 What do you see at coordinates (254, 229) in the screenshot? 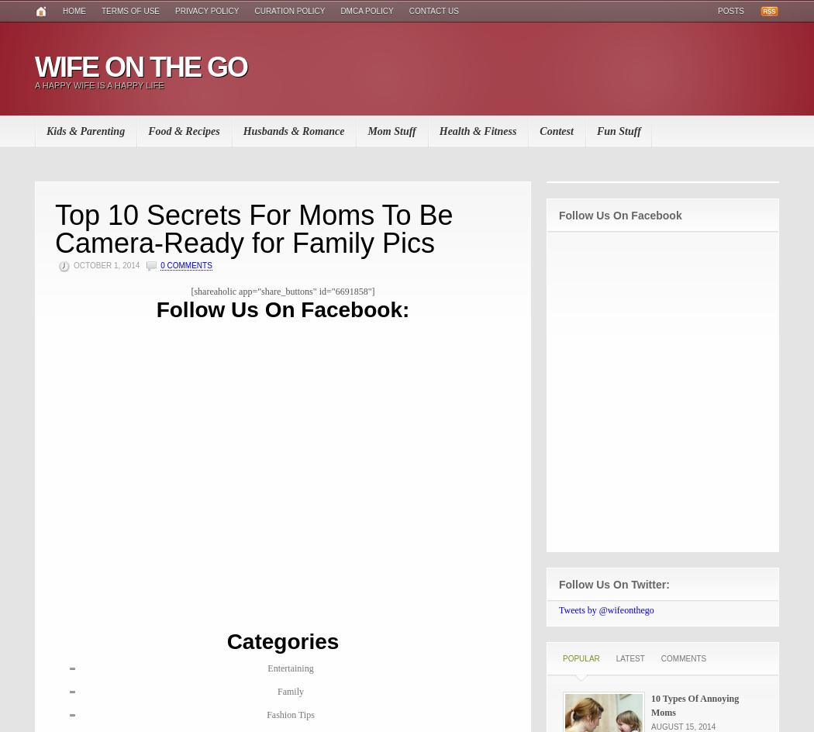
I see `'Top 10 Secrets For Moms To Be Camera-Ready for Family Pics'` at bounding box center [254, 229].